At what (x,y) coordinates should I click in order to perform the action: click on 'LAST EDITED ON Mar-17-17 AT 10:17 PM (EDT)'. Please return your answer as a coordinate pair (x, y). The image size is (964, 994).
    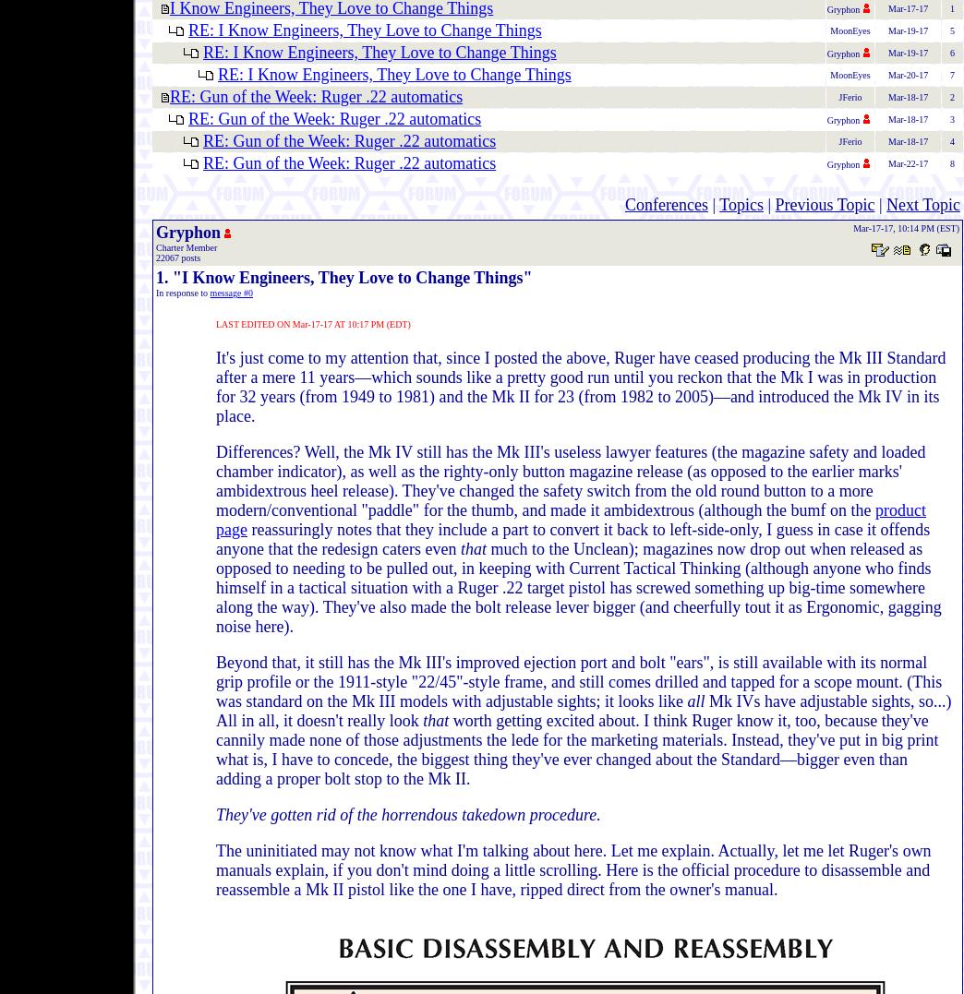
    Looking at the image, I should click on (312, 323).